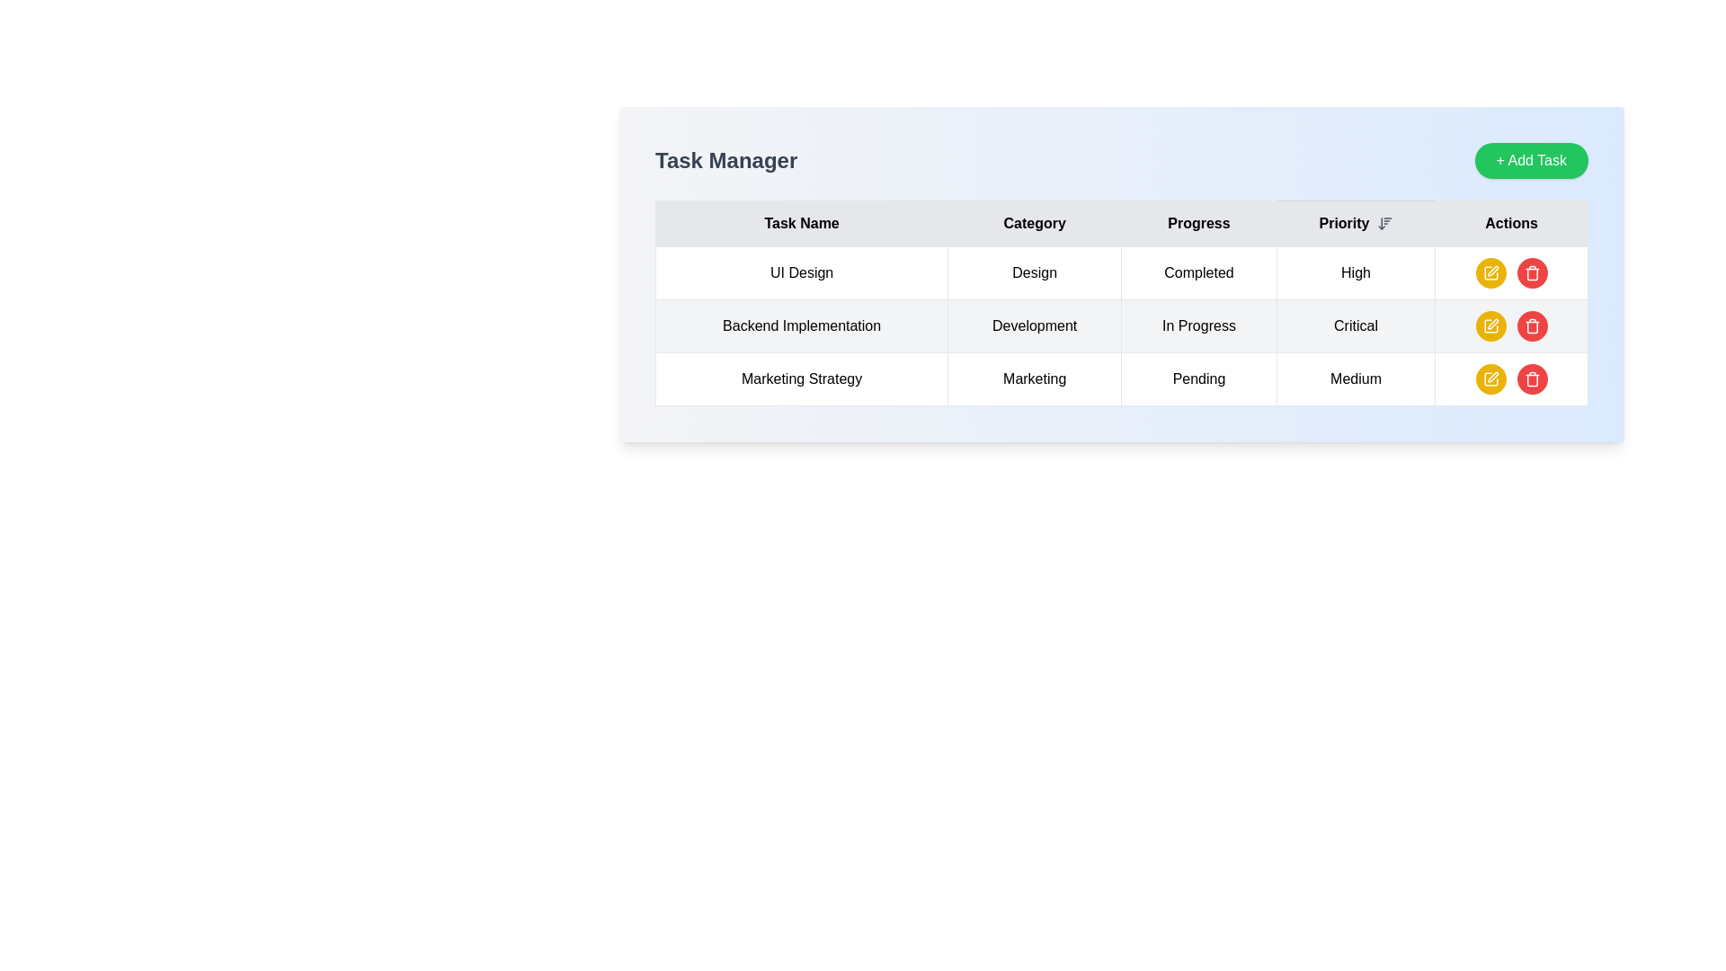 This screenshot has height=971, width=1726. I want to click on the 'UI Design' task name label located in the first row under the 'Task Name' column of the task management table, so click(801, 273).